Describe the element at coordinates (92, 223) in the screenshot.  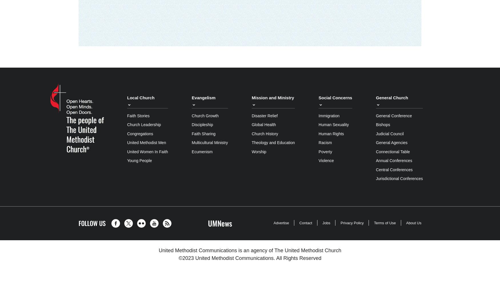
I see `'FOLLOW US'` at that location.